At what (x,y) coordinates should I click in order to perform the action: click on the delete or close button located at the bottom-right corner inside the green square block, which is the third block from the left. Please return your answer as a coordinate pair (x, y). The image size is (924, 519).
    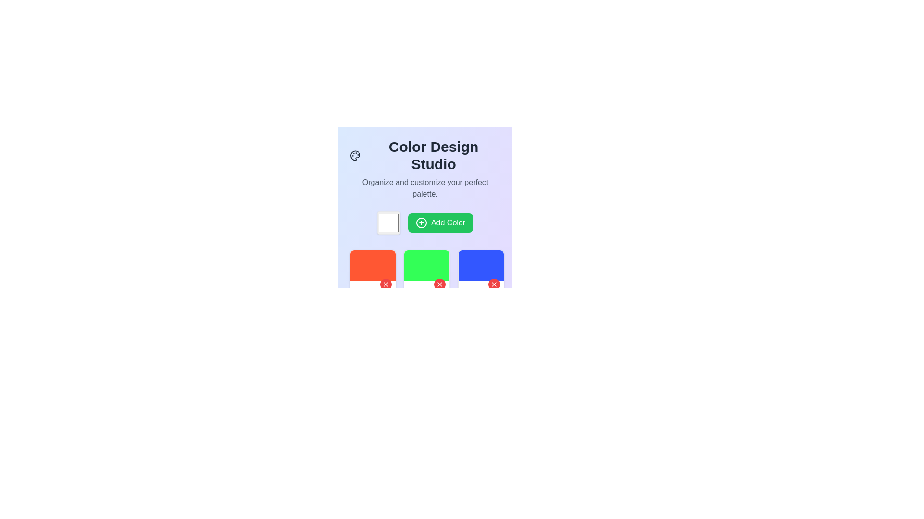
    Looking at the image, I should click on (439, 284).